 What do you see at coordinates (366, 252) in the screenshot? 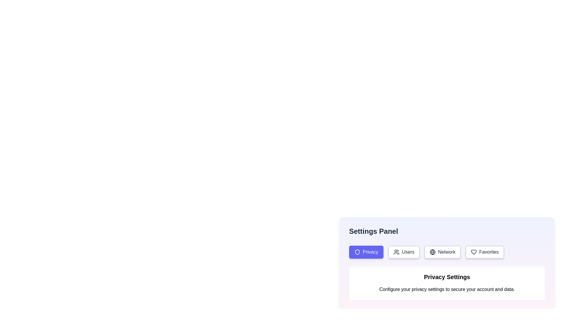
I see `the 'Privacy' settings button in the 'Settings Panel'` at bounding box center [366, 252].